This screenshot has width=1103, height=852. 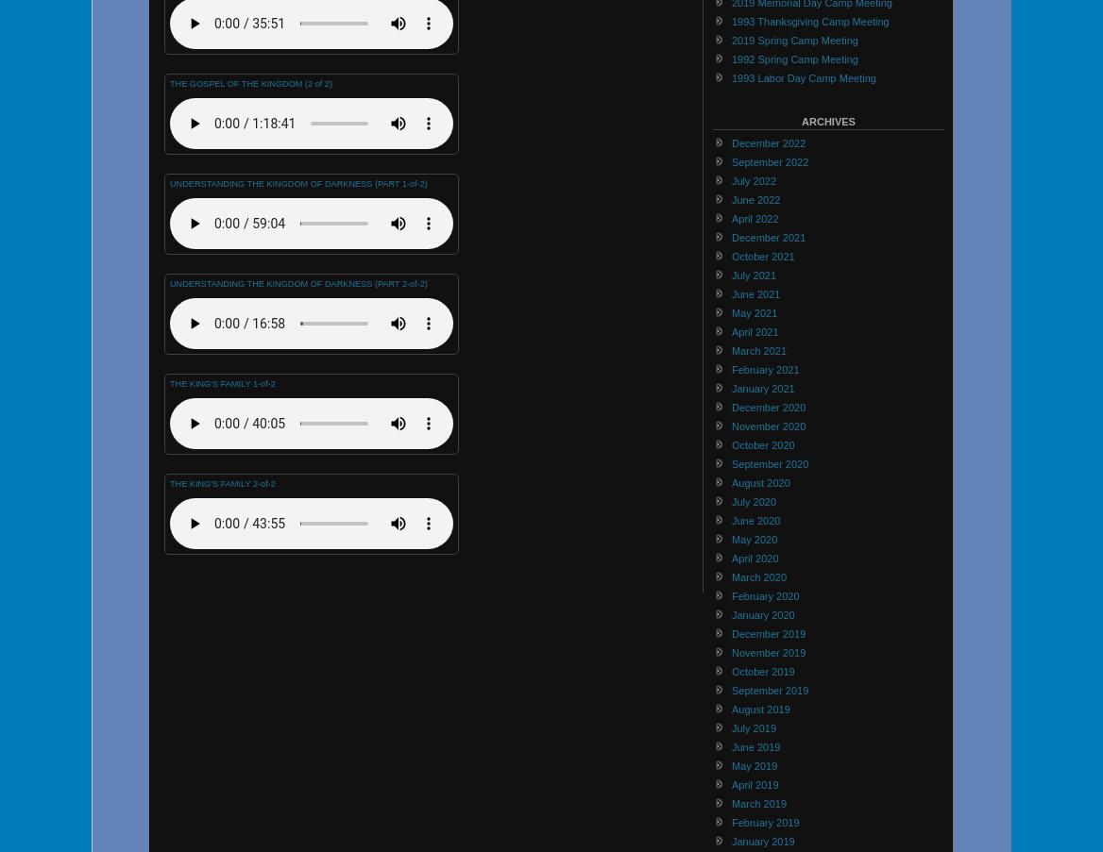 What do you see at coordinates (297, 183) in the screenshot?
I see `'UNDERSTANDING THE KINGDOM OF DARKNESS (PART 1-of-2)'` at bounding box center [297, 183].